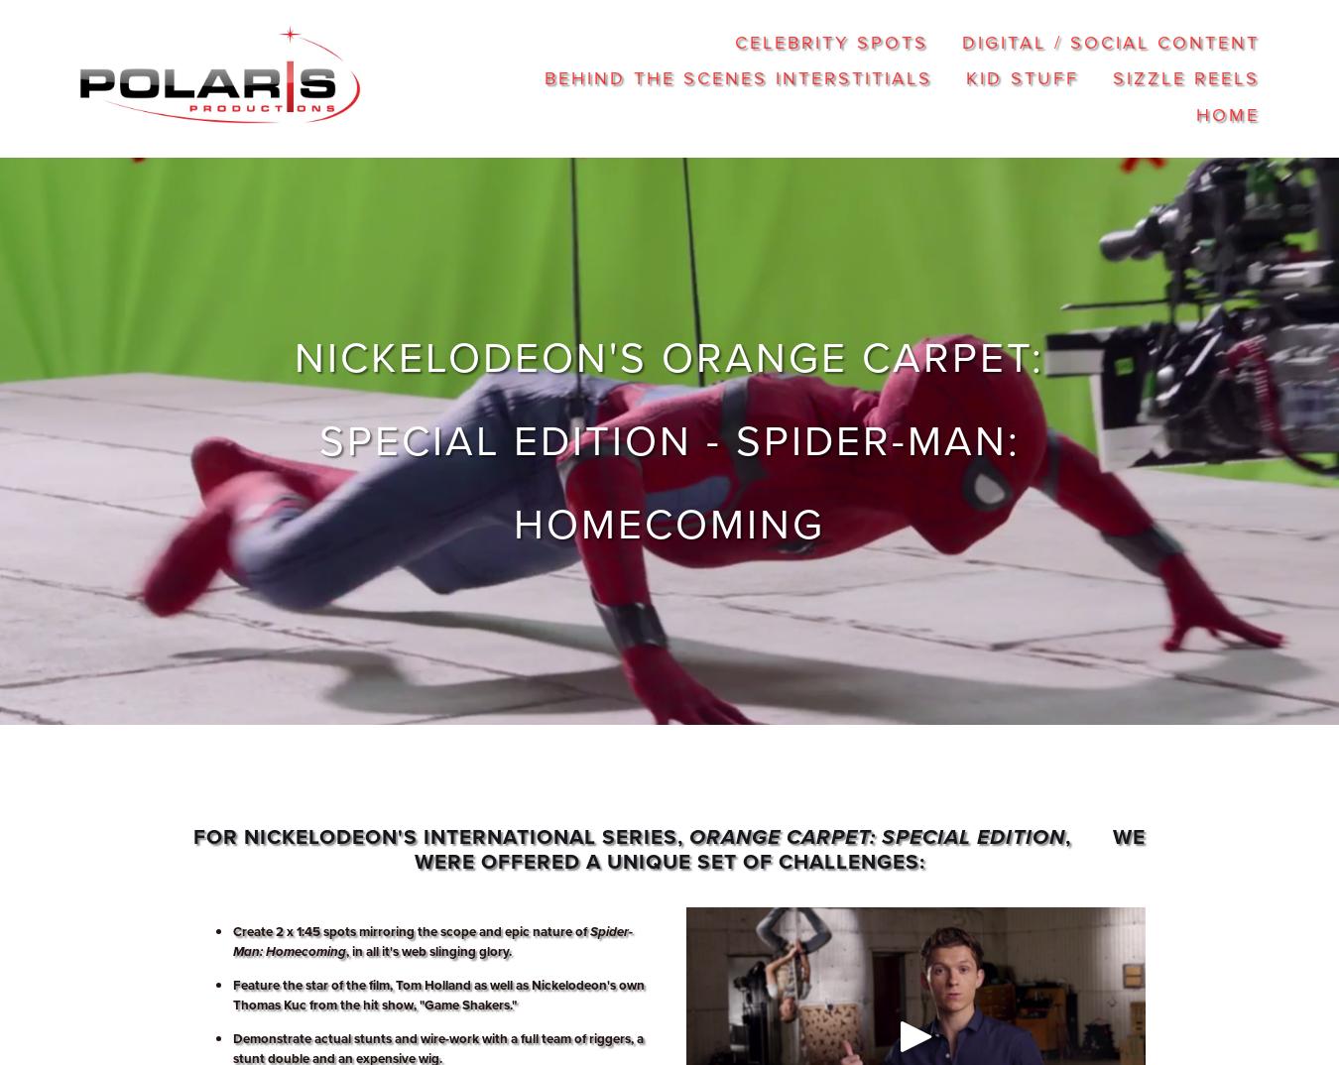 The width and height of the screenshot is (1339, 1065). What do you see at coordinates (192, 836) in the screenshot?
I see `'For Nickelodeon's international series,'` at bounding box center [192, 836].